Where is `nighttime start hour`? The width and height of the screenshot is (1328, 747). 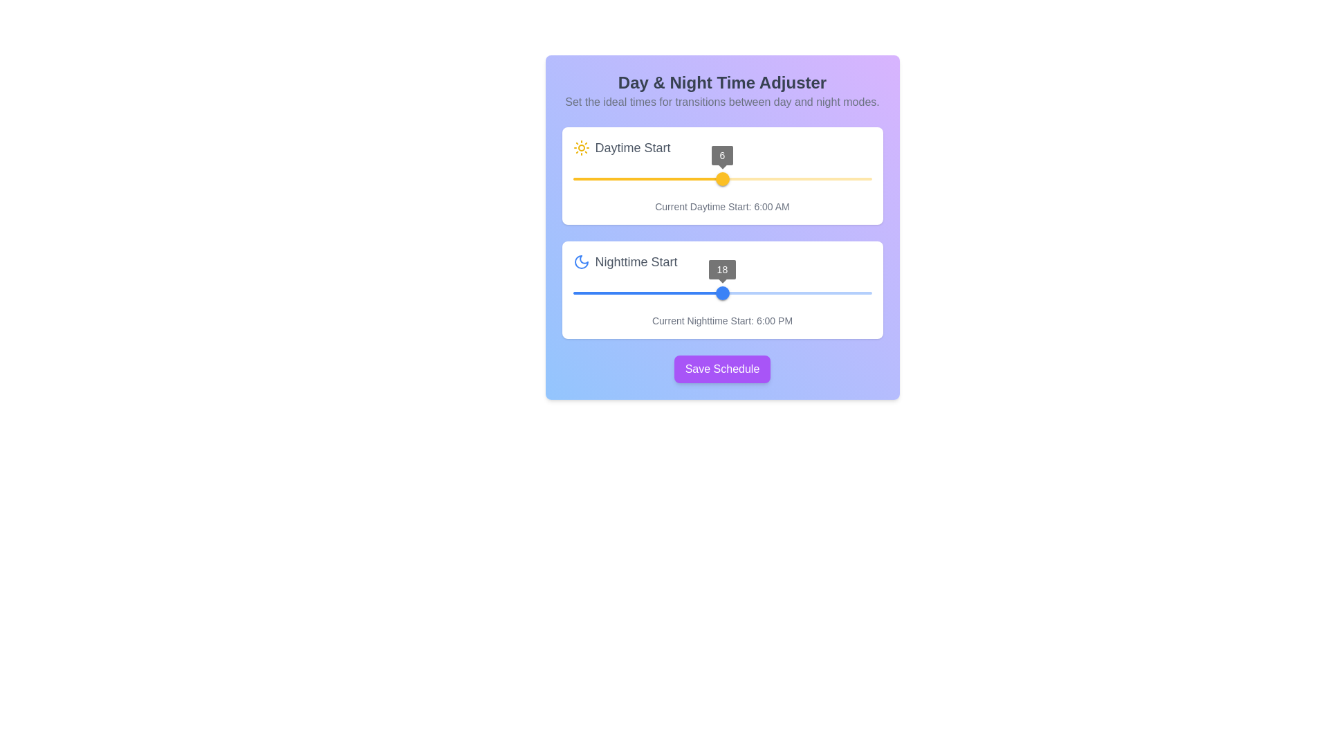
nighttime start hour is located at coordinates (710, 293).